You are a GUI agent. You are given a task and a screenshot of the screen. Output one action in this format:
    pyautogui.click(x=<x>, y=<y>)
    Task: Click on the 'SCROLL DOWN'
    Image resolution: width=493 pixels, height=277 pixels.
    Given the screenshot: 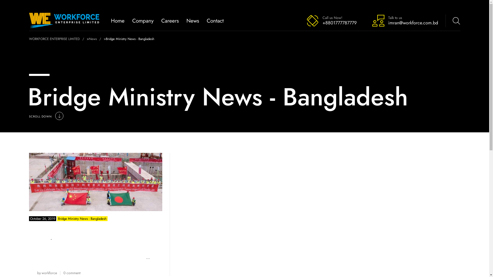 What is the action you would take?
    pyautogui.click(x=28, y=116)
    